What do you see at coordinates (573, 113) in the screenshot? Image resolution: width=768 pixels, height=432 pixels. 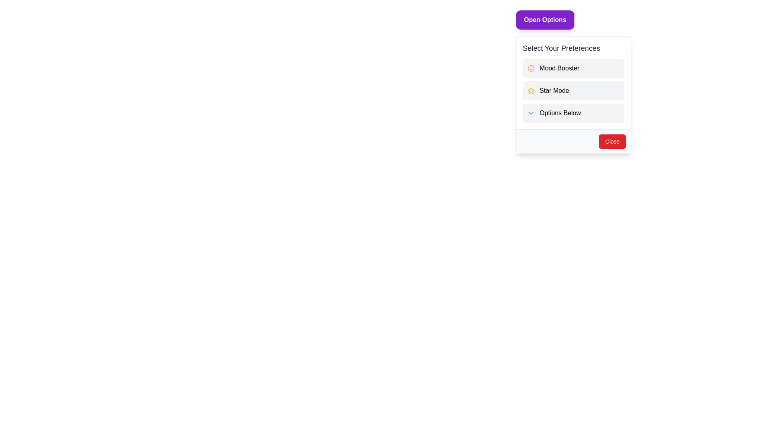 I see `the 'Options Below' button, which has a light gray background, rounded corners, and is located at the bottom of a vertical list of options` at bounding box center [573, 113].